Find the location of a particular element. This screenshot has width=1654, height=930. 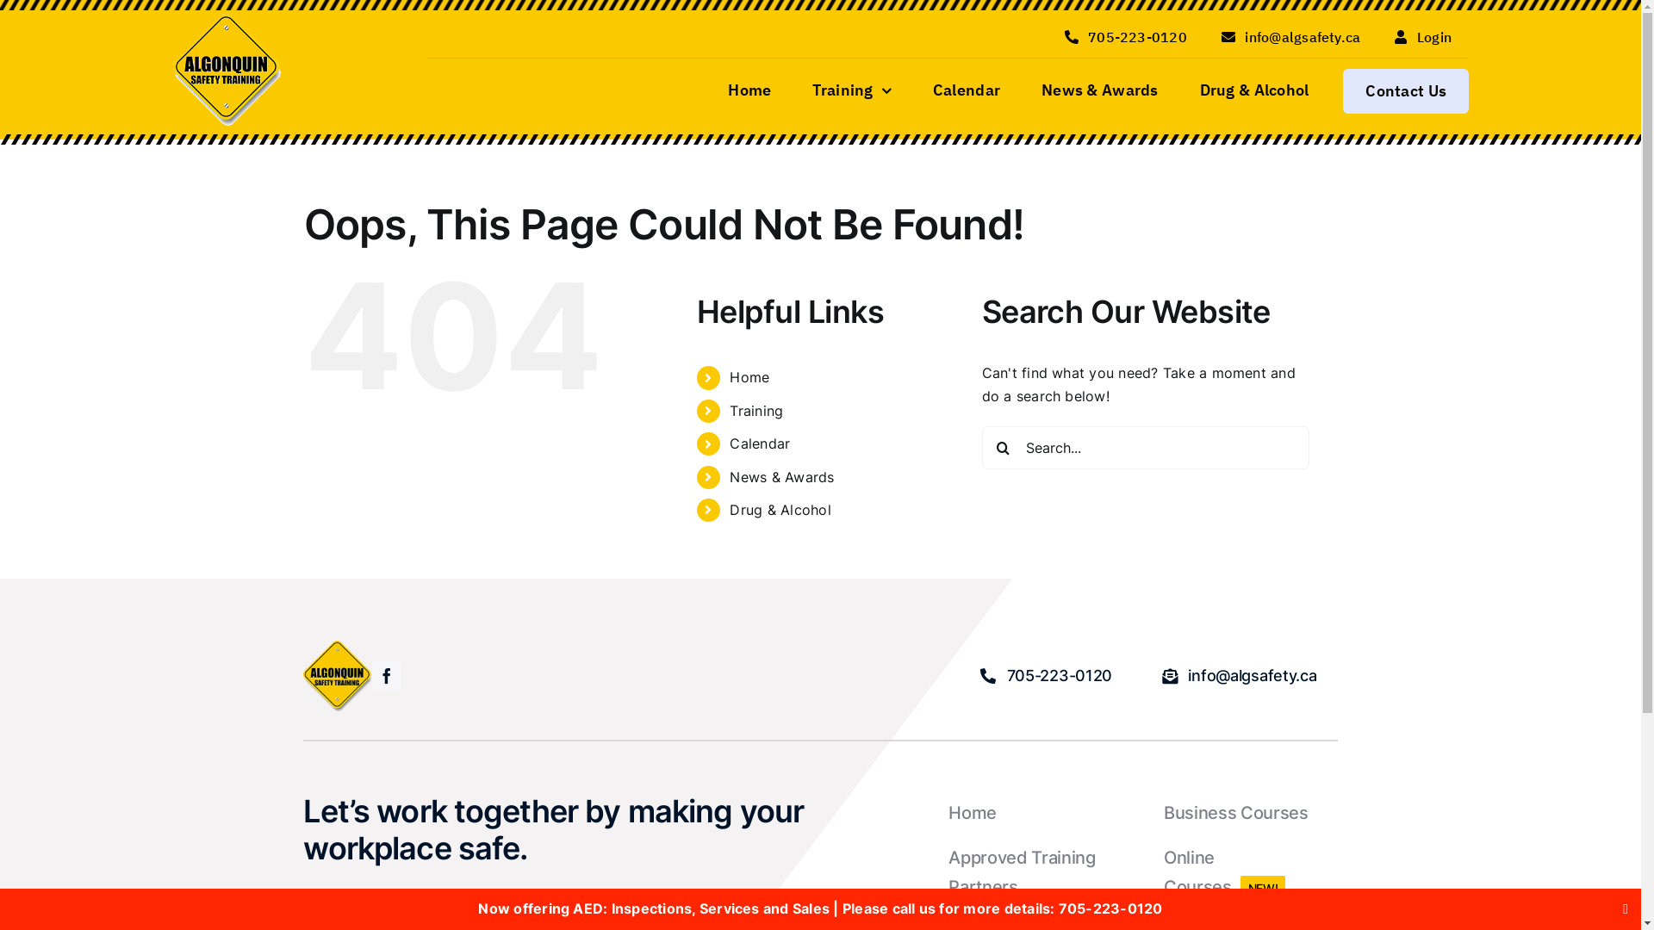

'Login' is located at coordinates (1422, 36).